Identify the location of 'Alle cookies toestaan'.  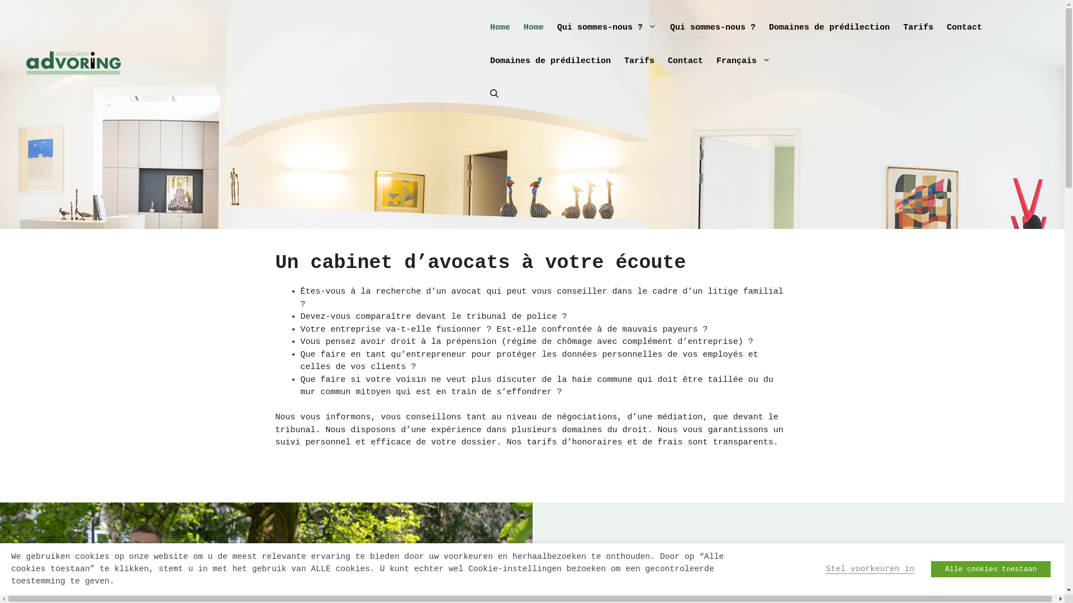
(990, 568).